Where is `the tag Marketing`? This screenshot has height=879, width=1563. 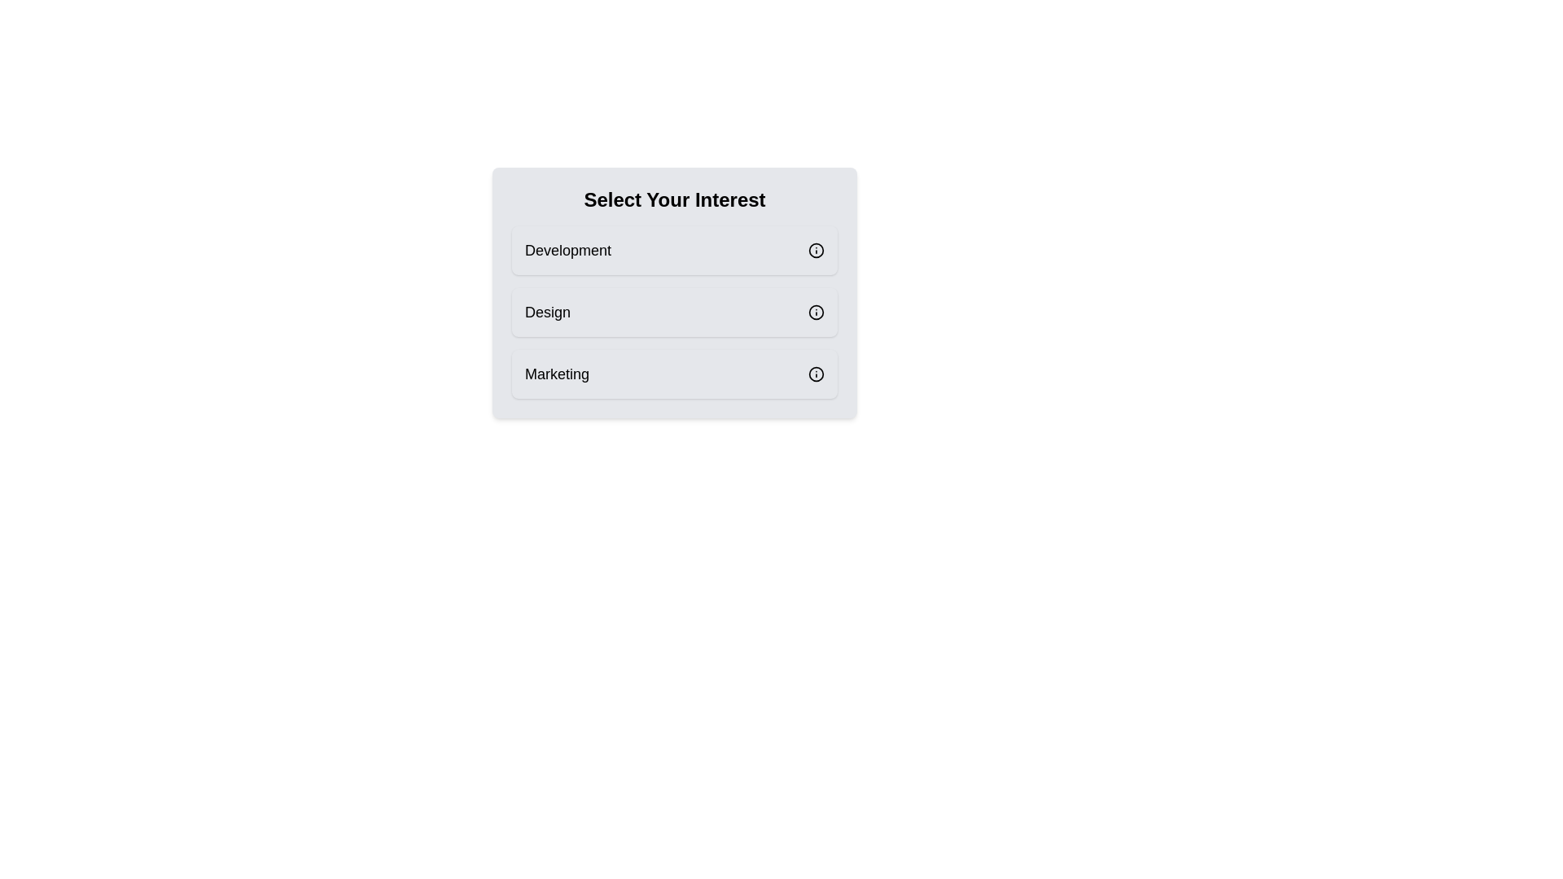 the tag Marketing is located at coordinates (675, 374).